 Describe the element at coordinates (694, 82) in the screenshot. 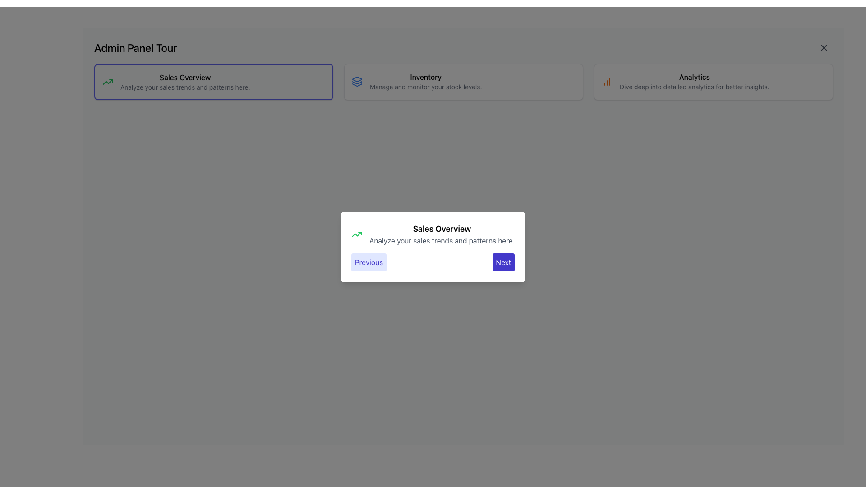

I see `the third informational card in the top-right section of the interface` at that location.